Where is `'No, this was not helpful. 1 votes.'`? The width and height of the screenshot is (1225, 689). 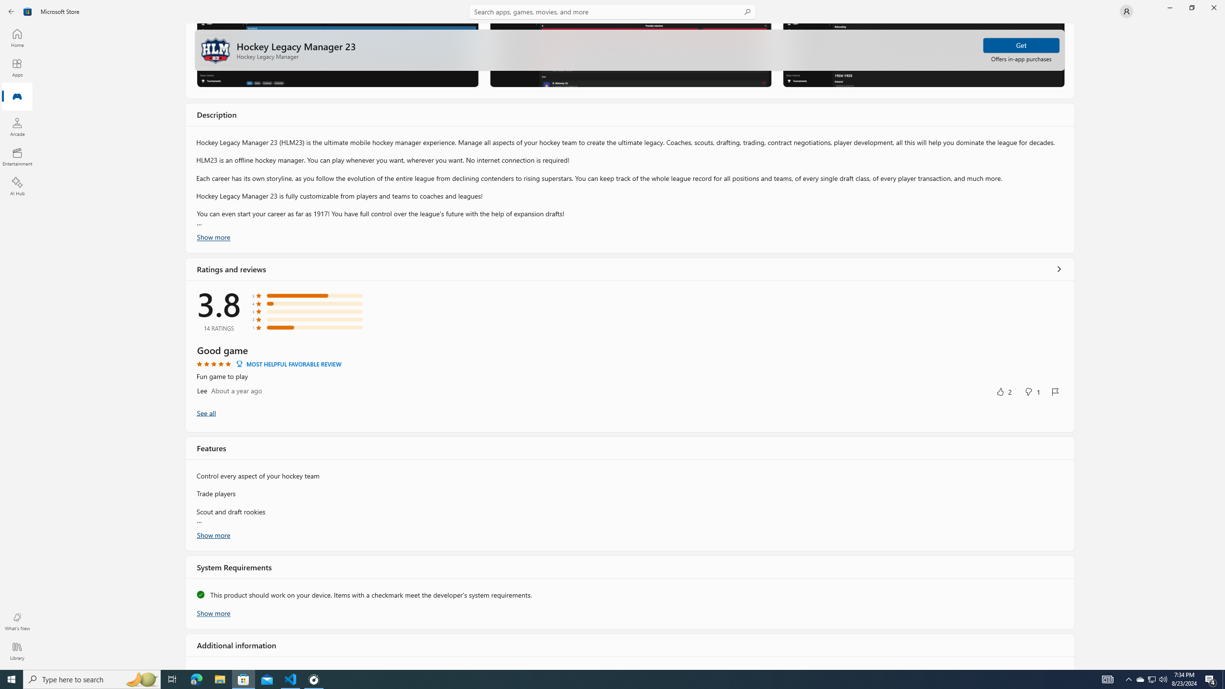 'No, this was not helpful. 1 votes.' is located at coordinates (1032, 391).